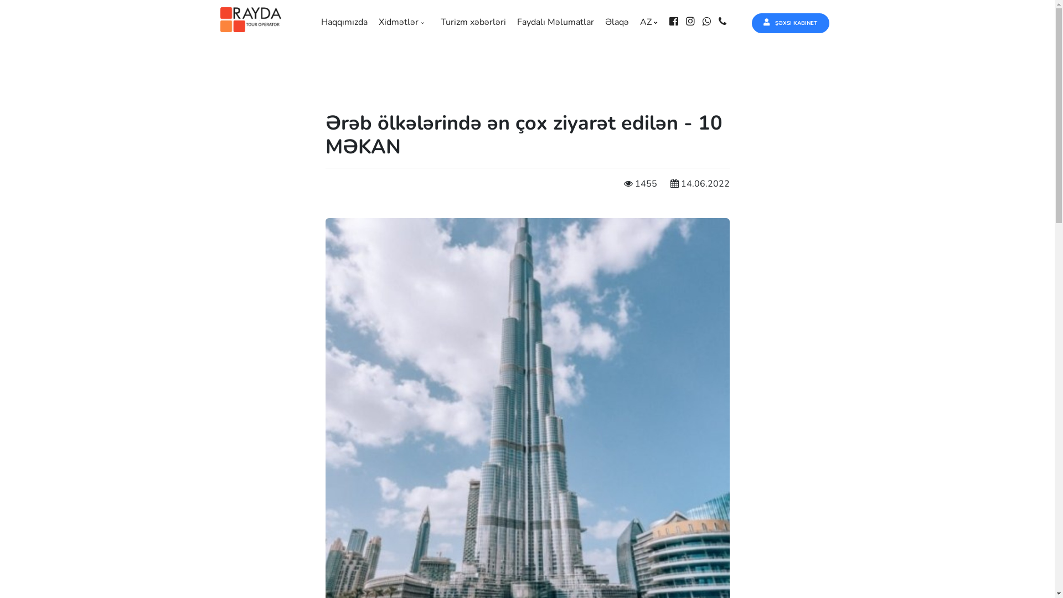 This screenshot has height=598, width=1063. I want to click on 'Phone', so click(718, 22).